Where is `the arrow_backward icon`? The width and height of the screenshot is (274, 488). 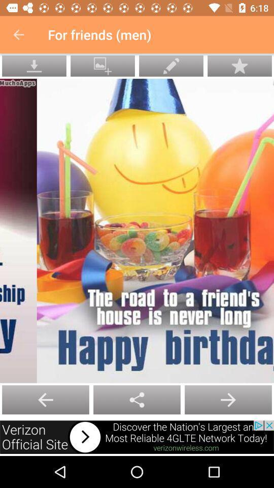
the arrow_backward icon is located at coordinates (137, 400).